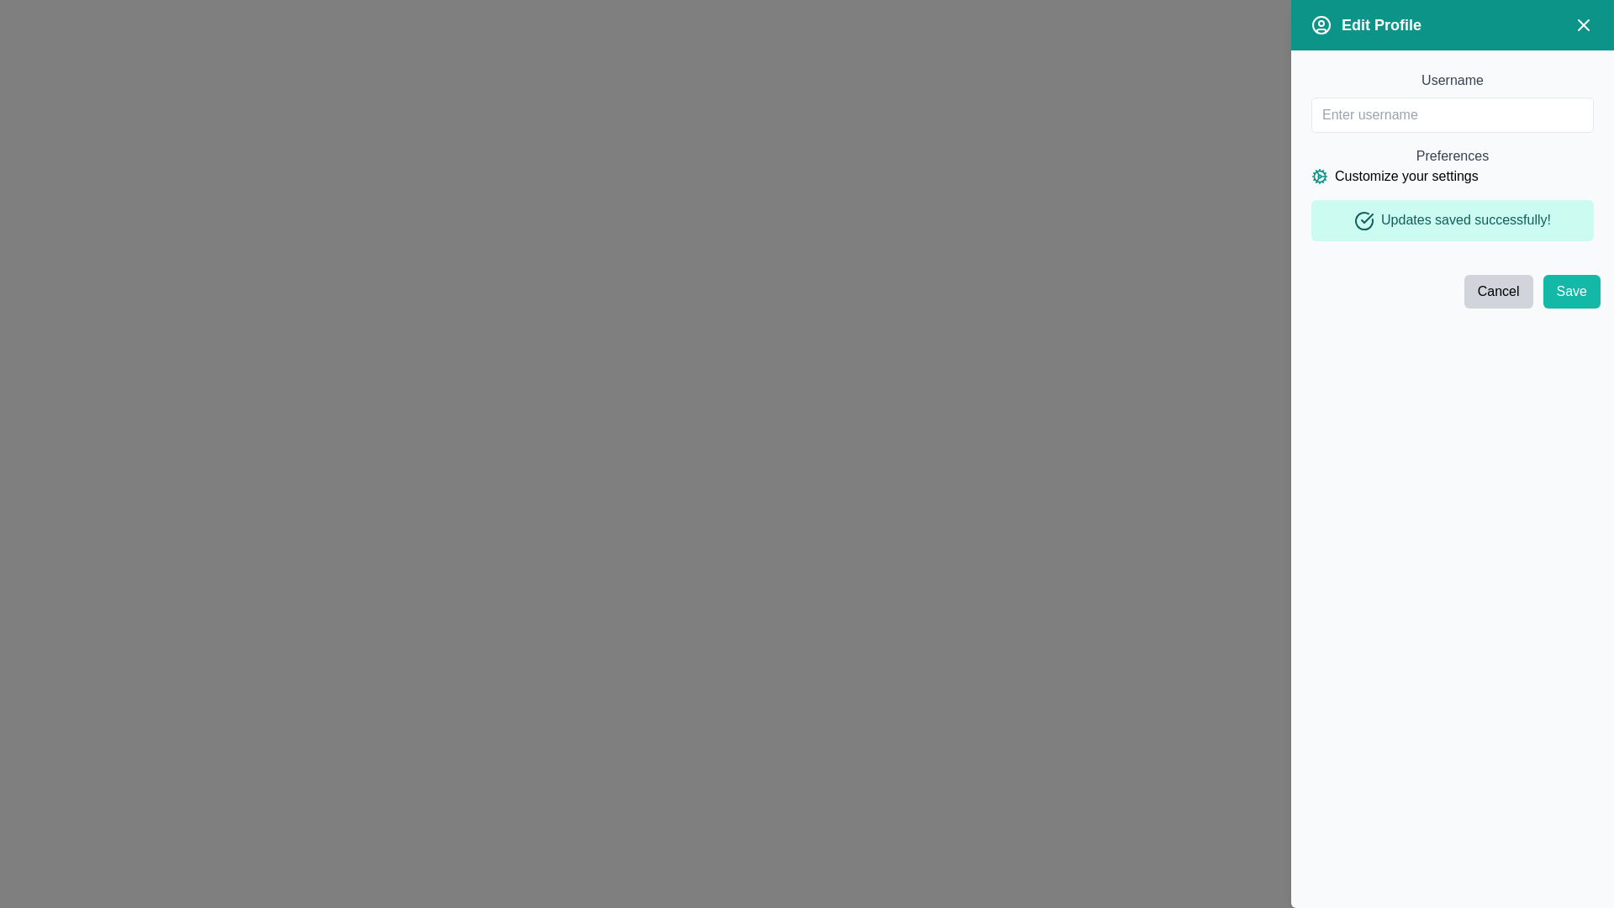 The height and width of the screenshot is (908, 1614). What do you see at coordinates (1452, 176) in the screenshot?
I see `the 'Customize your settings' text and teal cogwheel icon combination located beneath the 'Preferences' heading in the settings menu` at bounding box center [1452, 176].